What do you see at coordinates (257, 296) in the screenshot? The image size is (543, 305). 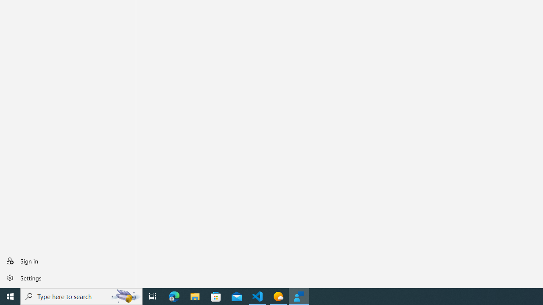 I see `'Visual Studio Code - 1 running window'` at bounding box center [257, 296].